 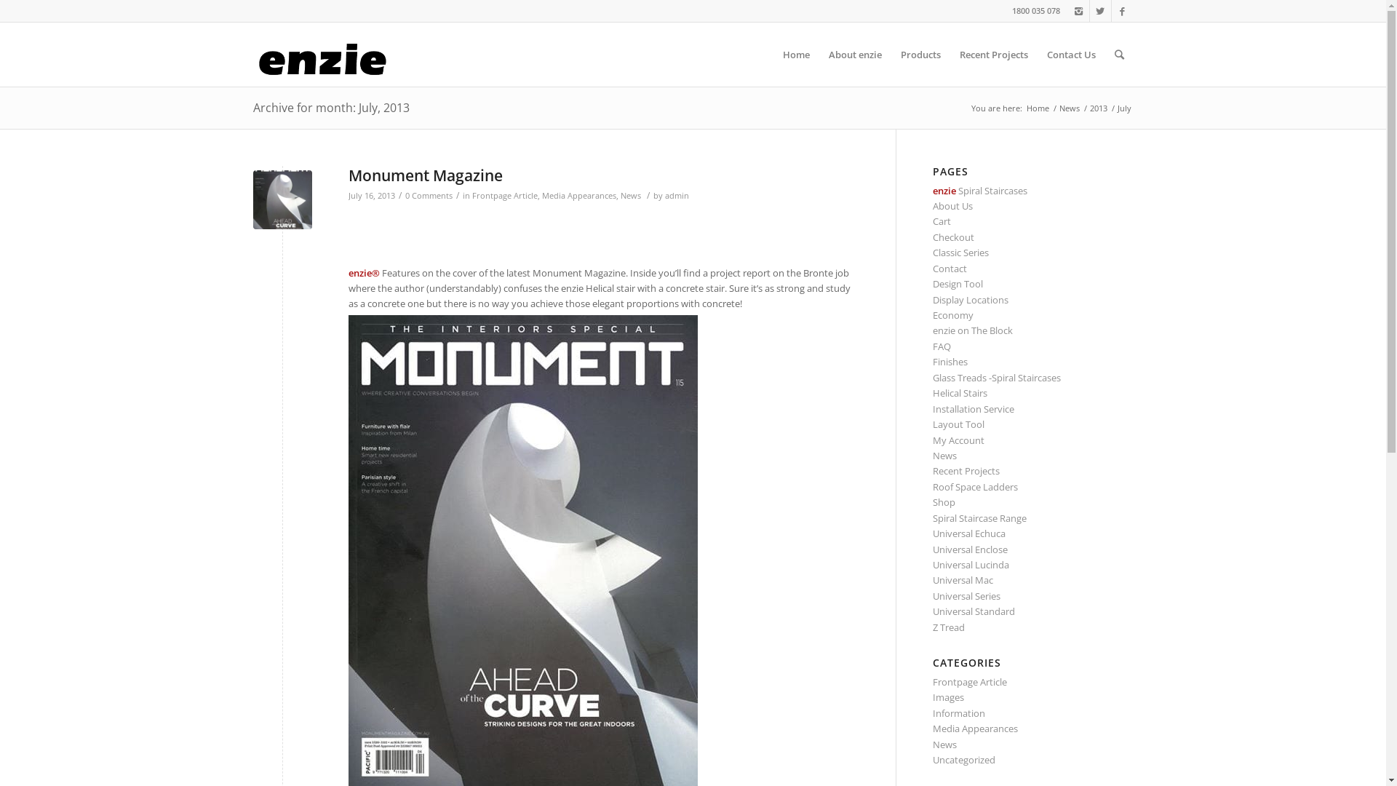 I want to click on 'Products', so click(x=890, y=53).